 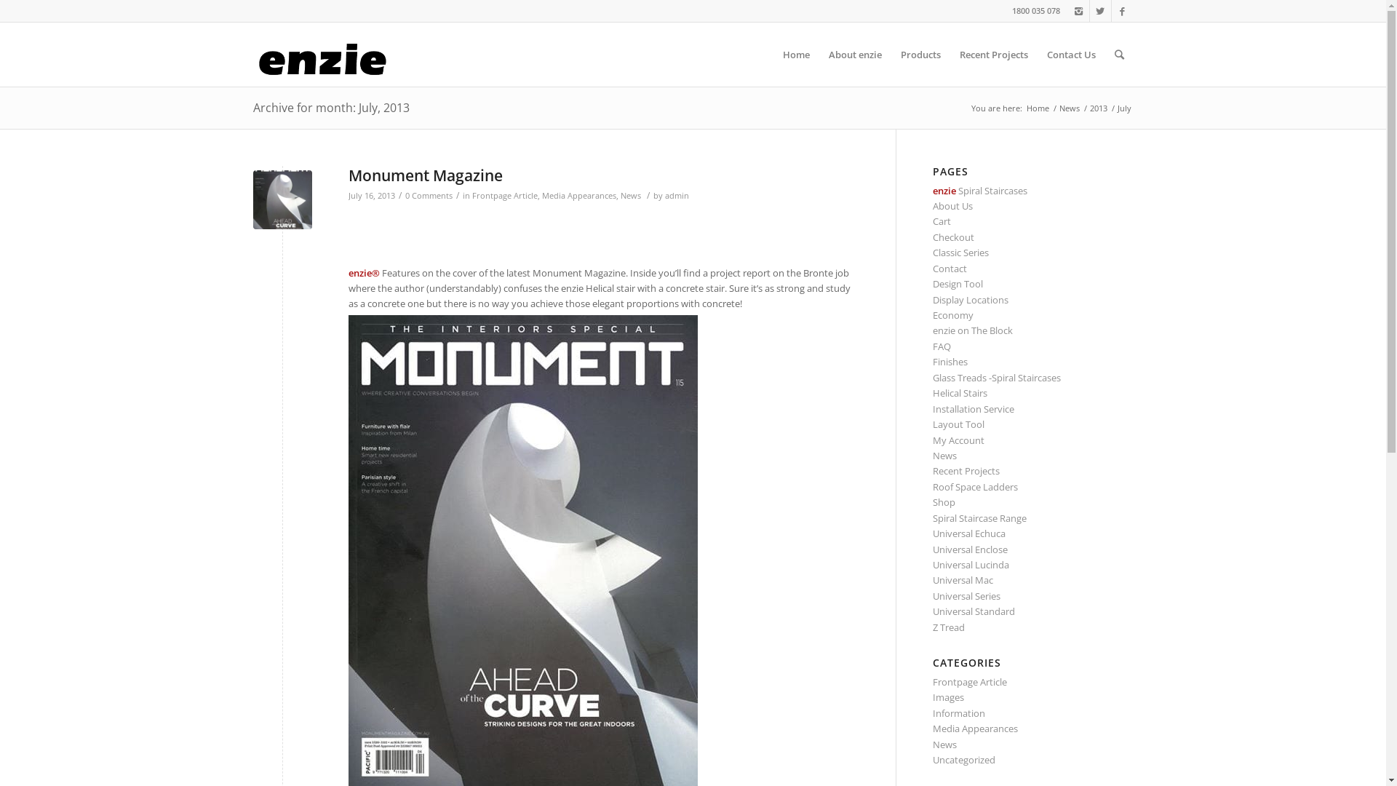 I want to click on 'Products', so click(x=890, y=53).